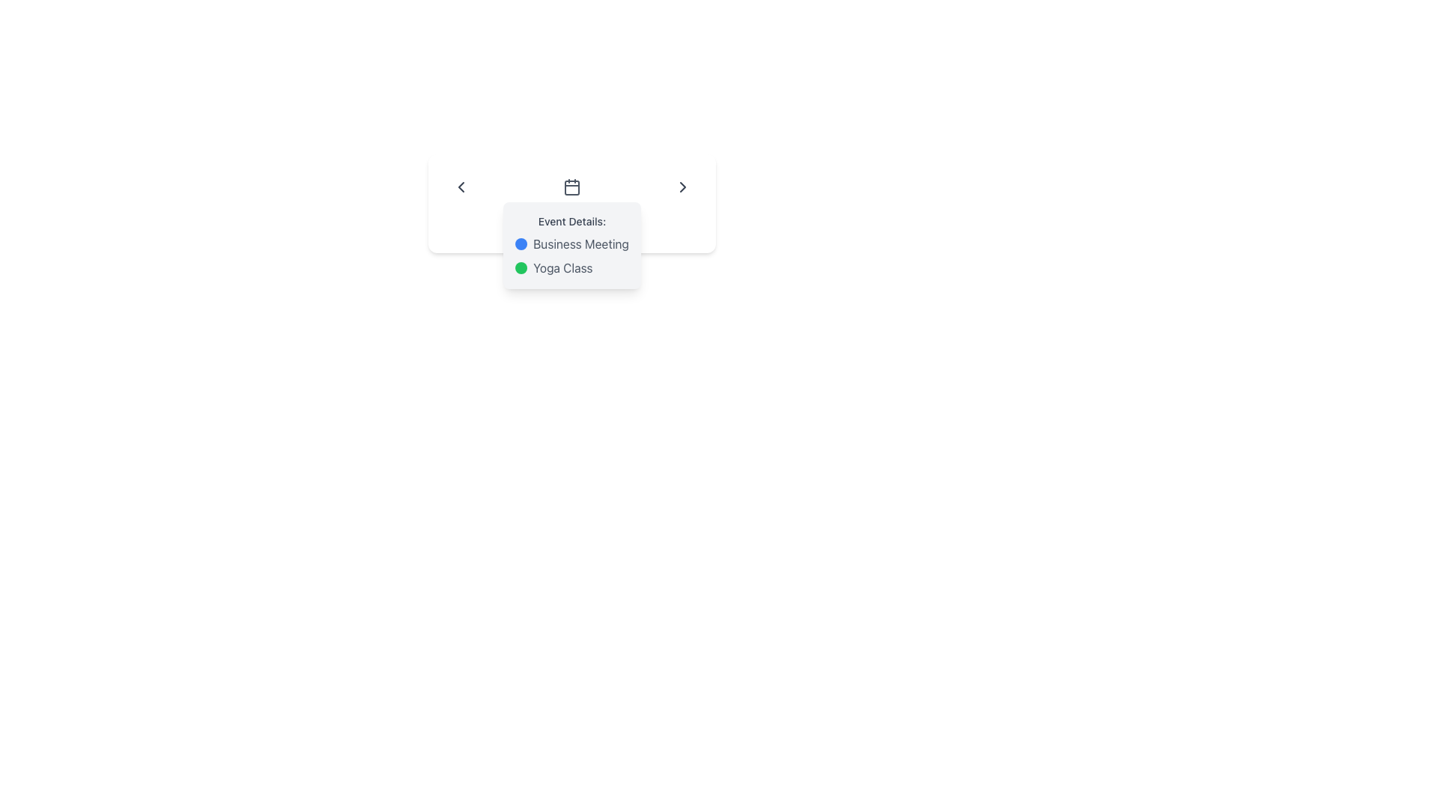 This screenshot has width=1438, height=809. I want to click on the Circle indicator that visually marks the status of the 'Yoga Class' event, located to the left of the 'Yoga Class' text, so click(521, 267).